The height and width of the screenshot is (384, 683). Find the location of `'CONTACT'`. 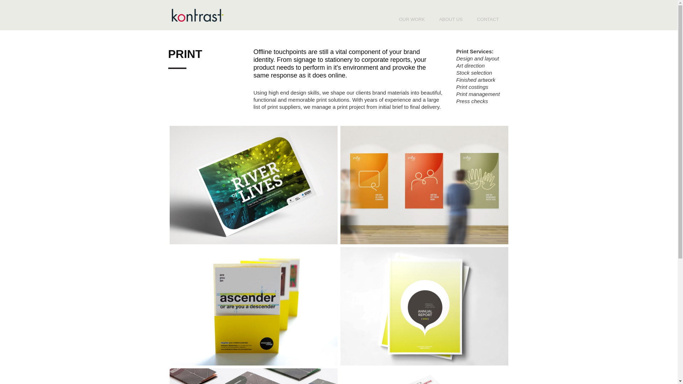

'CONTACT' is located at coordinates (470, 19).